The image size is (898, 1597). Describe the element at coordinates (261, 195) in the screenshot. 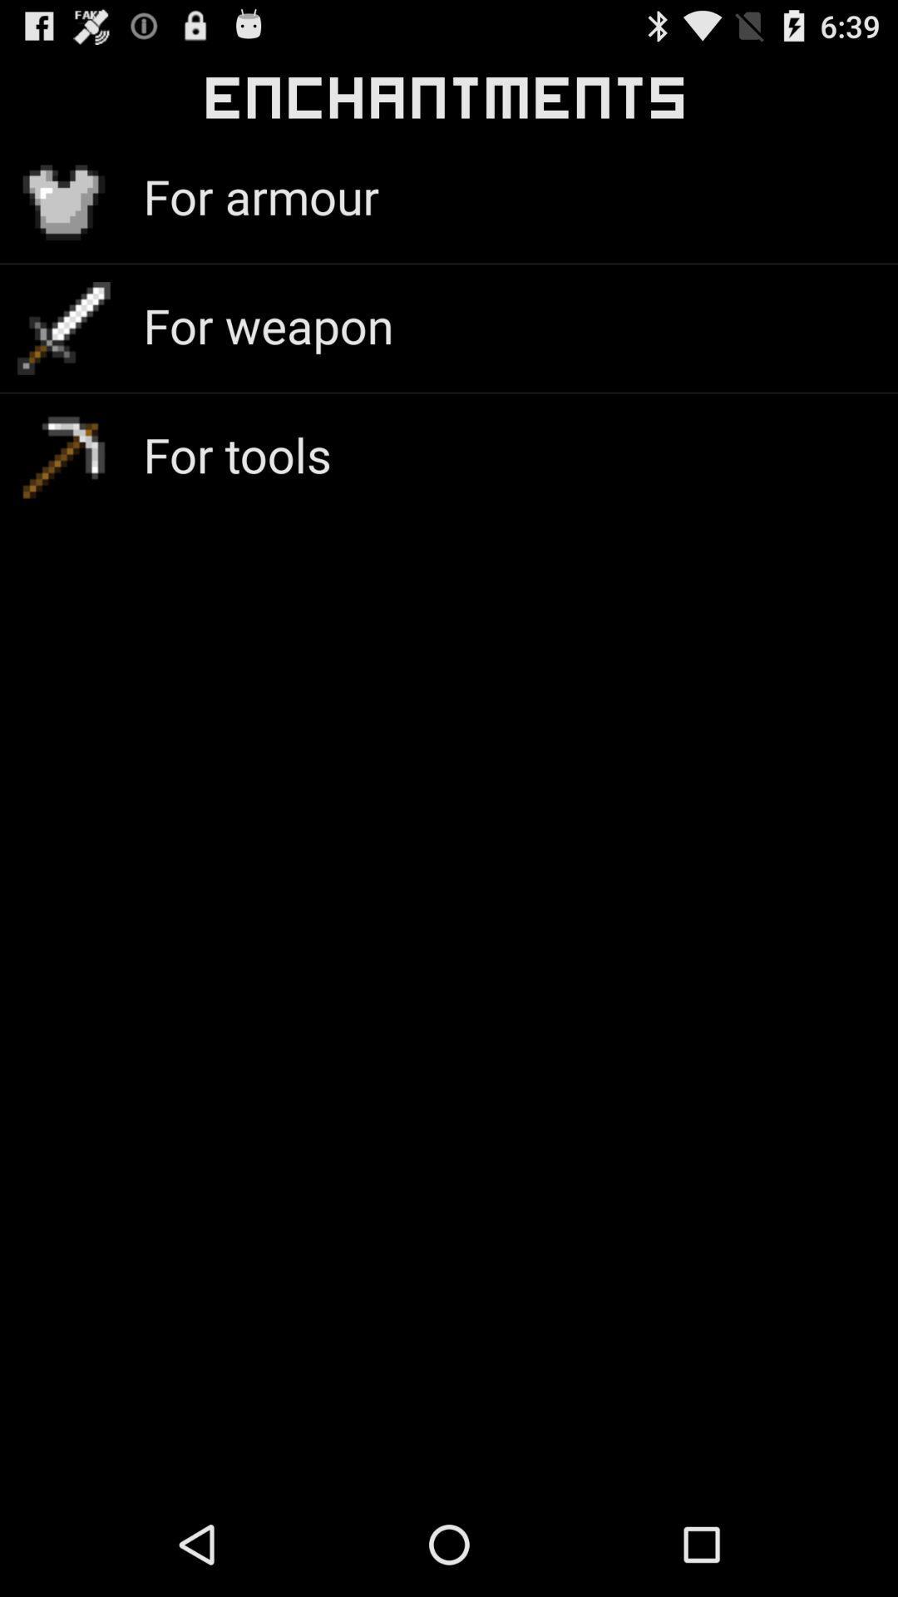

I see `the item below the enchantments icon` at that location.